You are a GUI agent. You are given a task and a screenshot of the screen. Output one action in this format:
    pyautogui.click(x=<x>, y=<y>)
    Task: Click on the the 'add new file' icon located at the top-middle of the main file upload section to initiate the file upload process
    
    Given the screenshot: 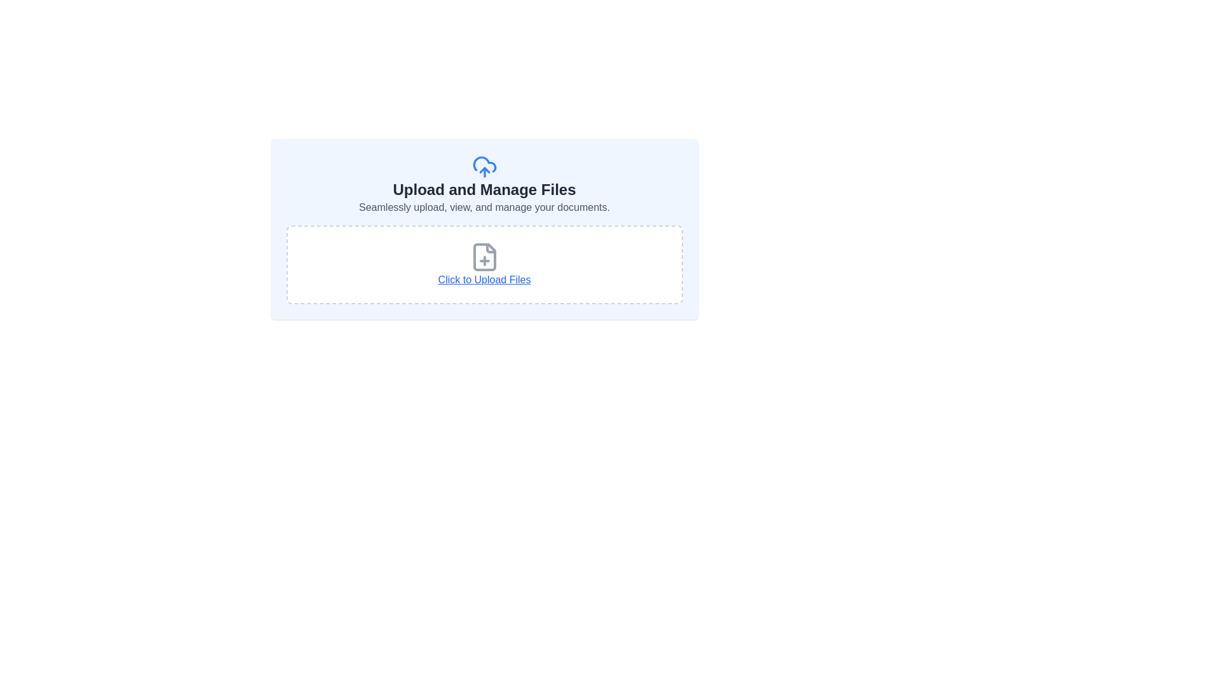 What is the action you would take?
    pyautogui.click(x=484, y=257)
    